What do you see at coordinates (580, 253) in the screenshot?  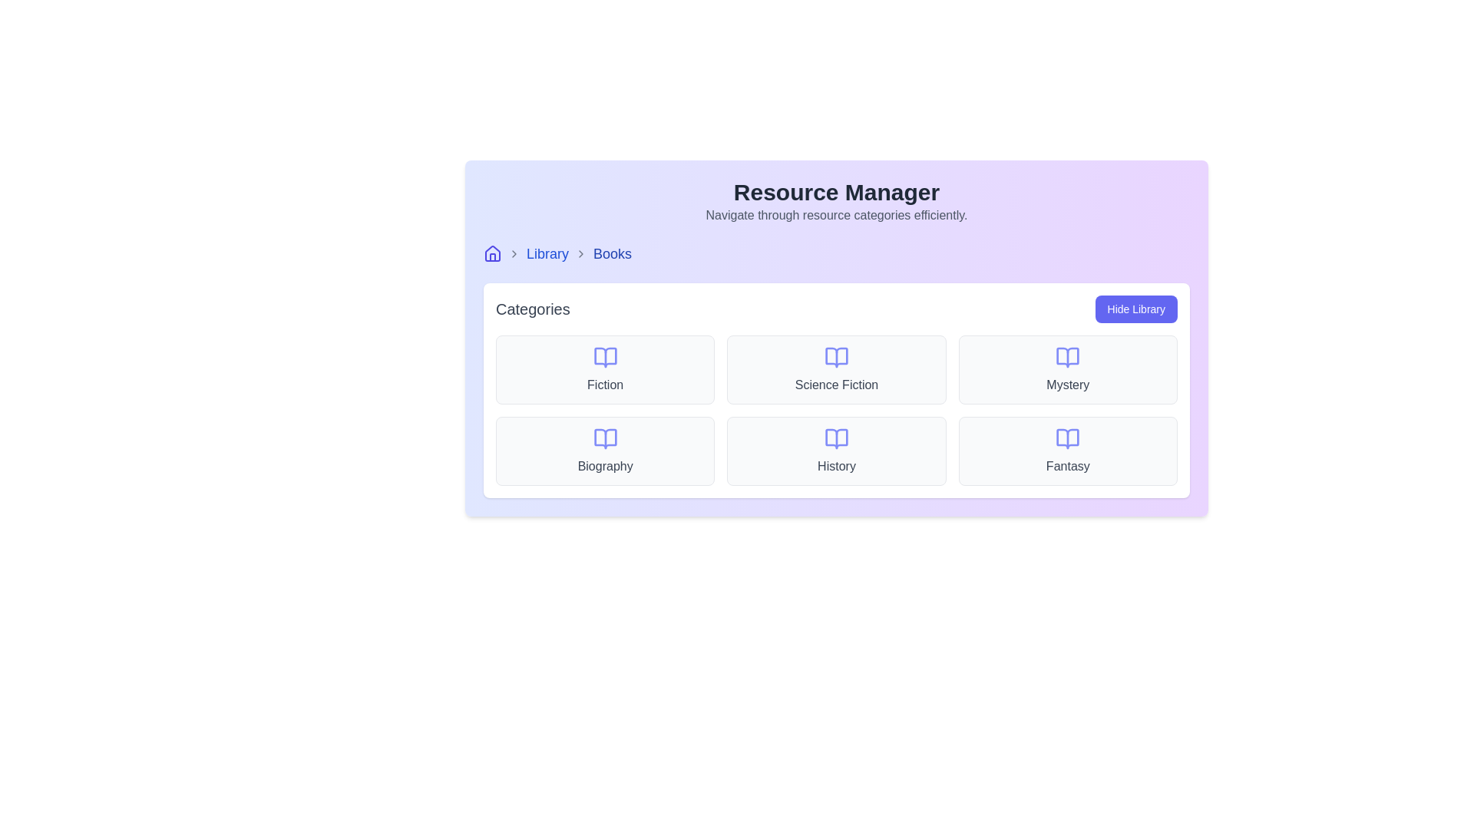 I see `the second chevron icon in the breadcrumb navigation bar, which is gray and points right, located between 'Library' and 'Books'` at bounding box center [580, 253].